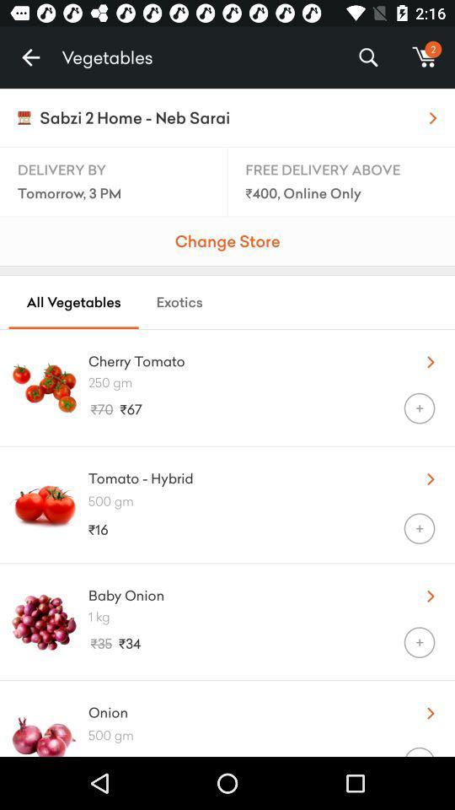 Image resolution: width=455 pixels, height=810 pixels. I want to click on the item below 500 gm item, so click(418, 751).